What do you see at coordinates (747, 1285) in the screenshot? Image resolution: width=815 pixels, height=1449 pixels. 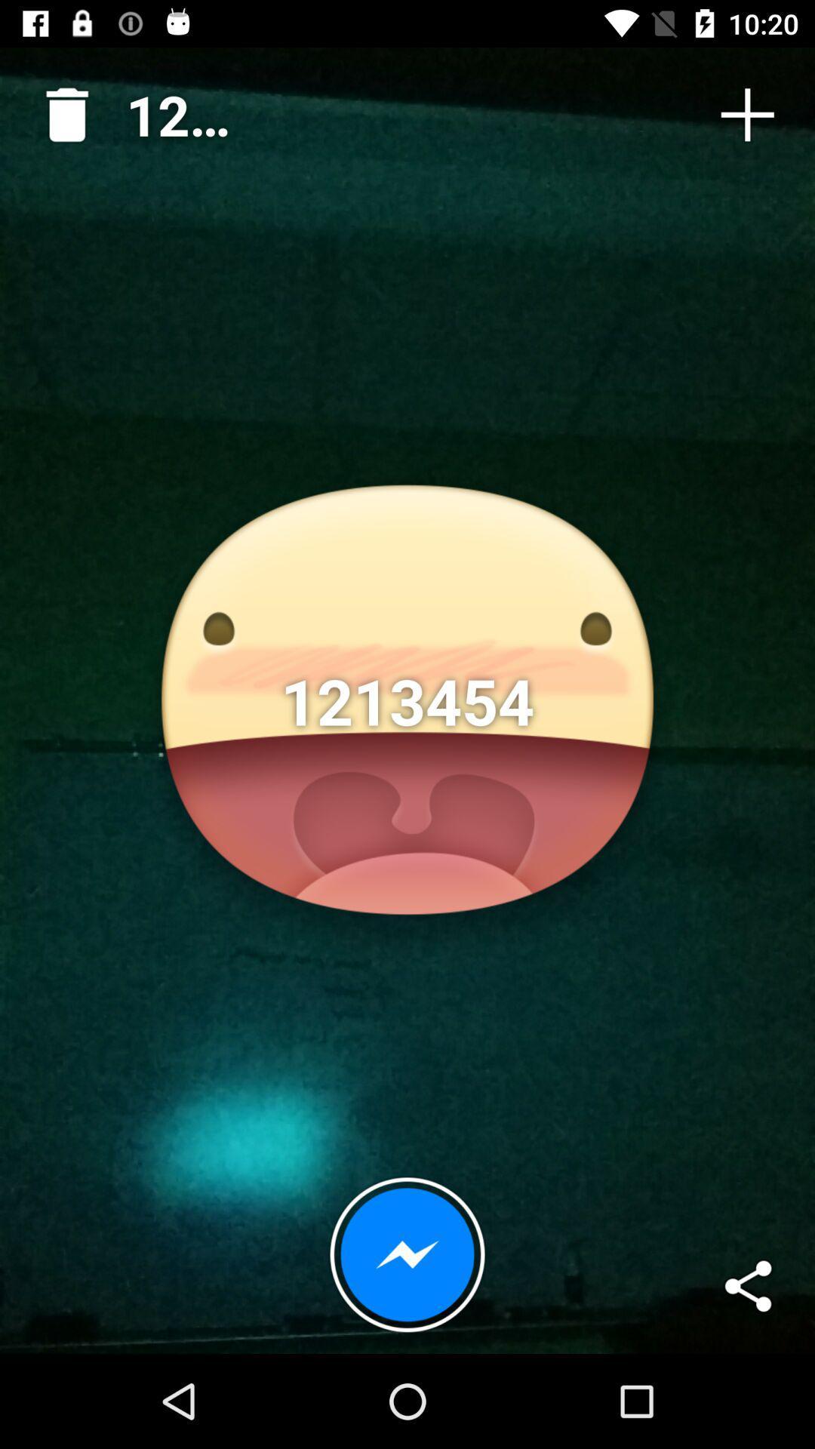 I see `the share icon` at bounding box center [747, 1285].